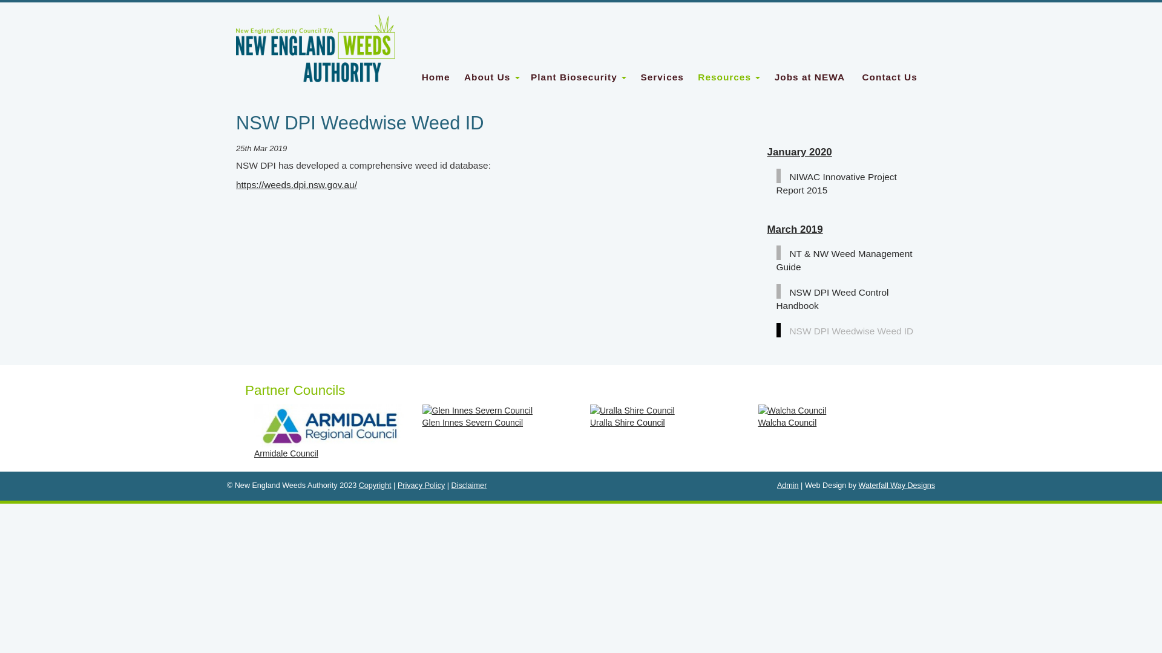 The image size is (1162, 653). I want to click on 'About Us ', so click(491, 77).